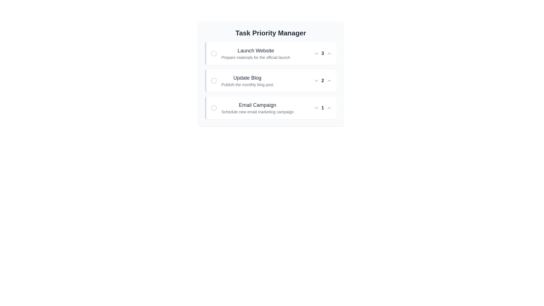 The width and height of the screenshot is (544, 306). Describe the element at coordinates (270, 54) in the screenshot. I see `the first task card in the 'Task Priority Manager' section, which displays the task's title, description, and current priority value` at that location.